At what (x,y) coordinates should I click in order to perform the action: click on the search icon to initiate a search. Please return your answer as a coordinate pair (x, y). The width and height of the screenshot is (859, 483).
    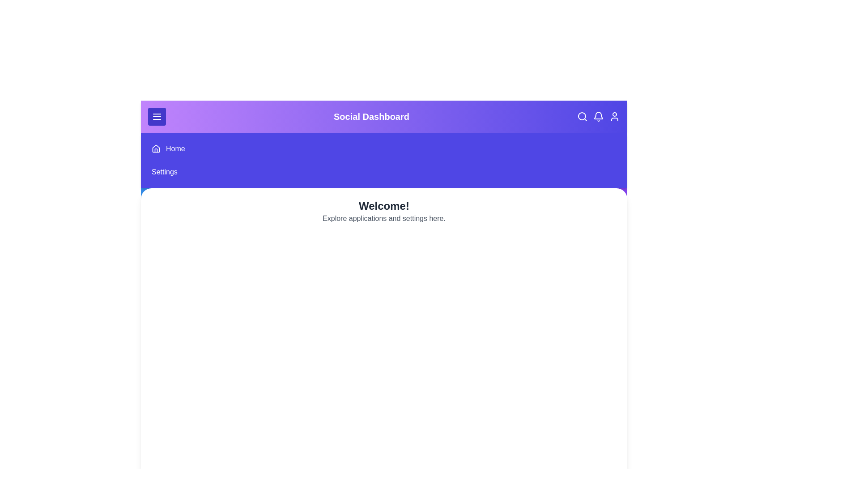
    Looking at the image, I should click on (582, 116).